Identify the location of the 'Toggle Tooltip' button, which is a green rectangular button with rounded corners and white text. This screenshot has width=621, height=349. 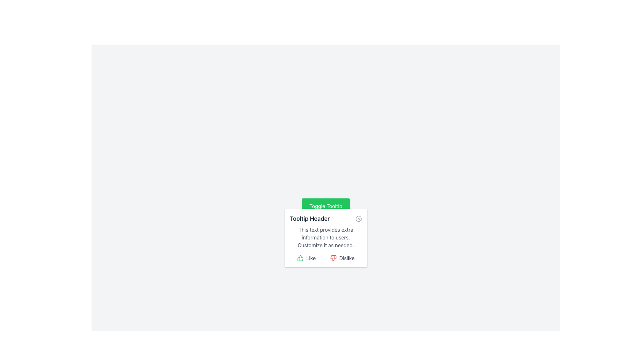
(326, 206).